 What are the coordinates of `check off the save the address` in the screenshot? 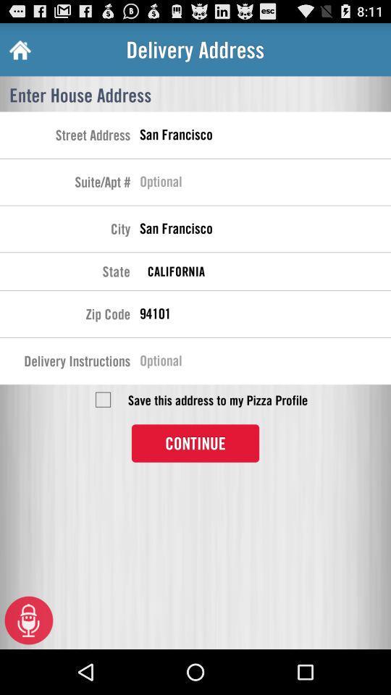 It's located at (102, 400).